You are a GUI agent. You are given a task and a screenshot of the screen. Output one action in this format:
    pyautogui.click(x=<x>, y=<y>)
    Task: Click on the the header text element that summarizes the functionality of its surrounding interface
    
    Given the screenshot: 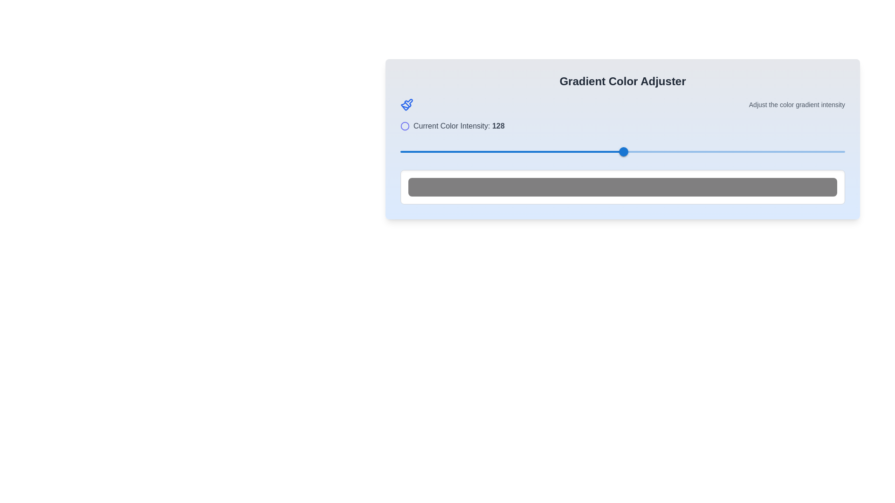 What is the action you would take?
    pyautogui.click(x=622, y=81)
    